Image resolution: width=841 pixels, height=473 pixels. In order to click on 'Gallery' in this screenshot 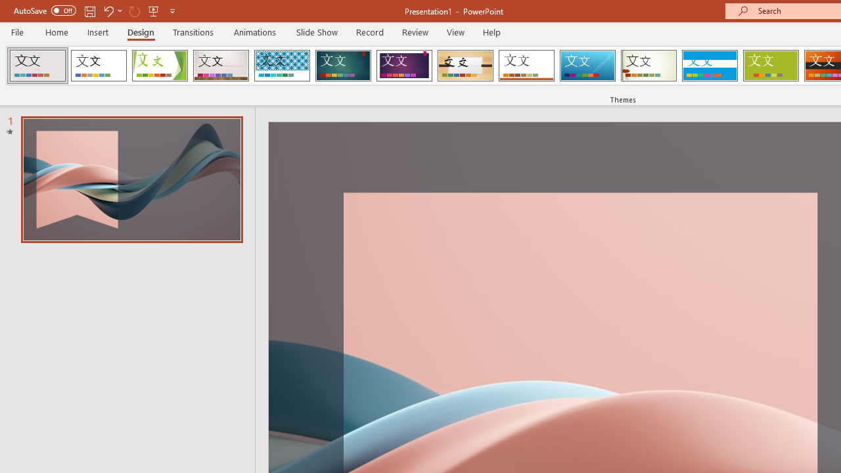, I will do `click(221, 66)`.